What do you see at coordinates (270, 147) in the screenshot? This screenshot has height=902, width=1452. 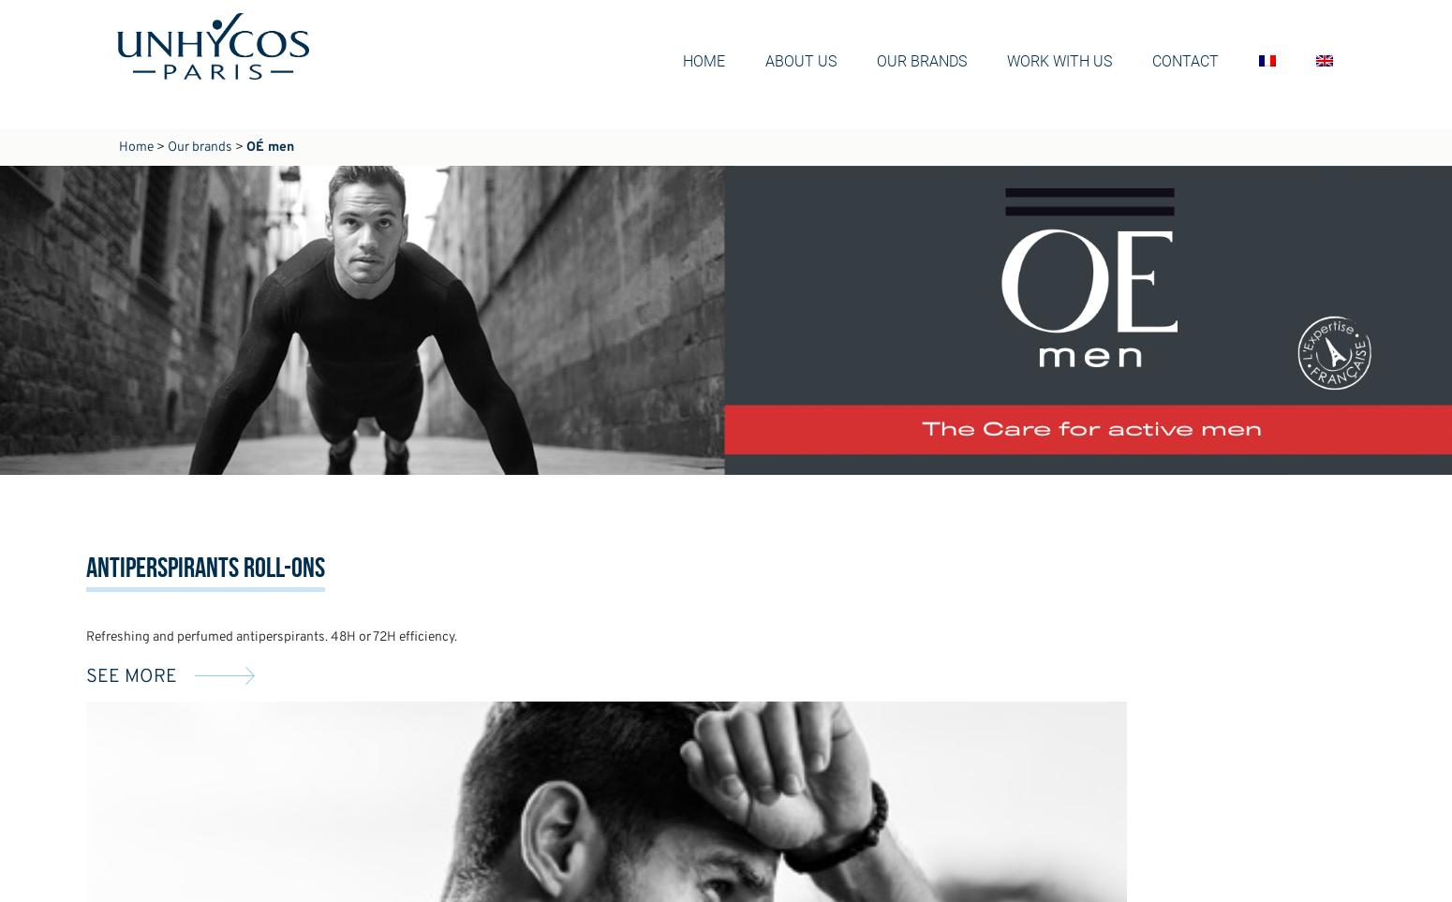 I see `'OÉ men'` at bounding box center [270, 147].